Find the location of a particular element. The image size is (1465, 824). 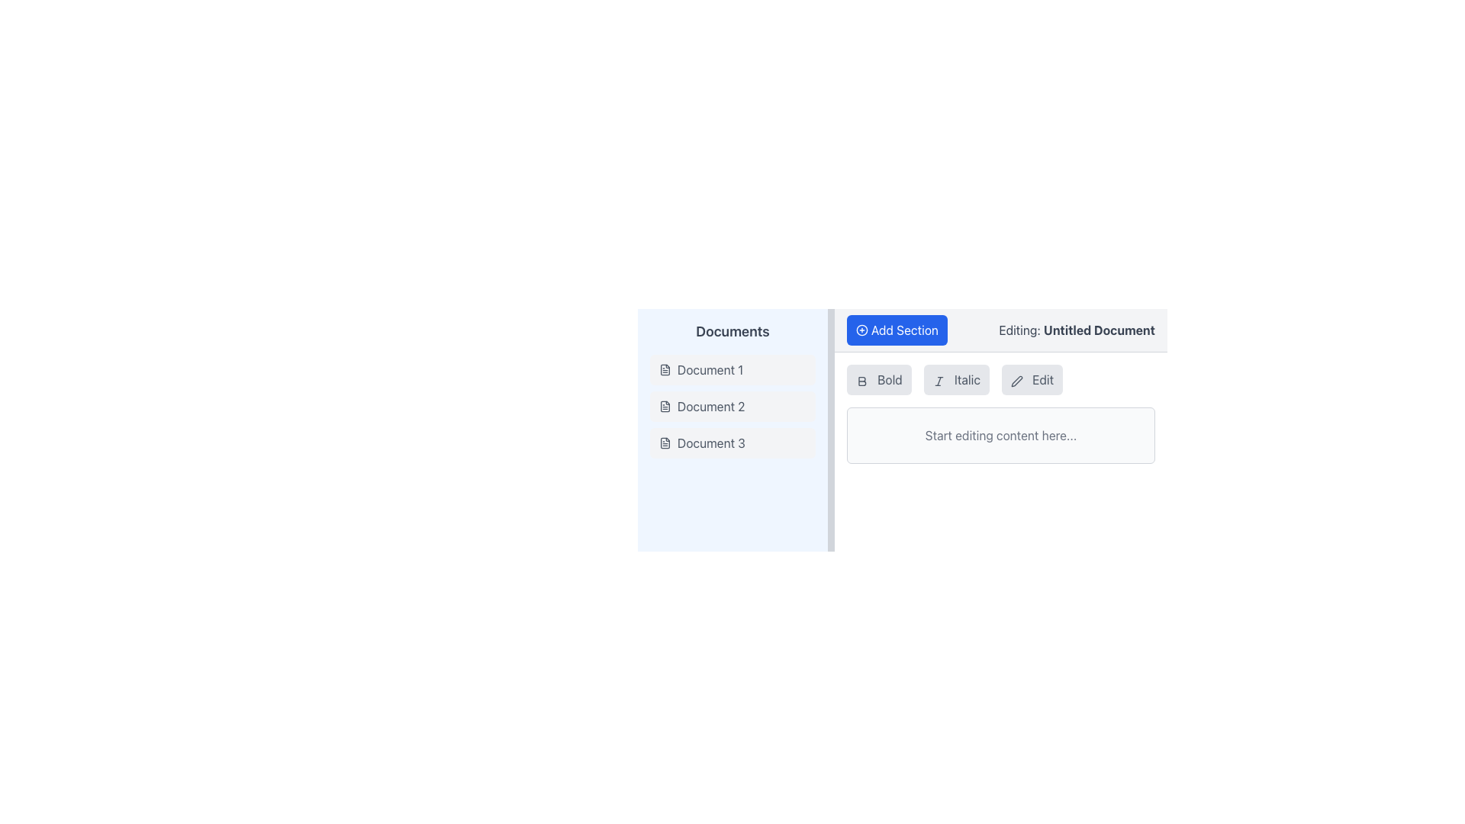

the document icon located to the left of 'Document 1' in the document navigation menu, which visually represents a document is located at coordinates (665, 370).